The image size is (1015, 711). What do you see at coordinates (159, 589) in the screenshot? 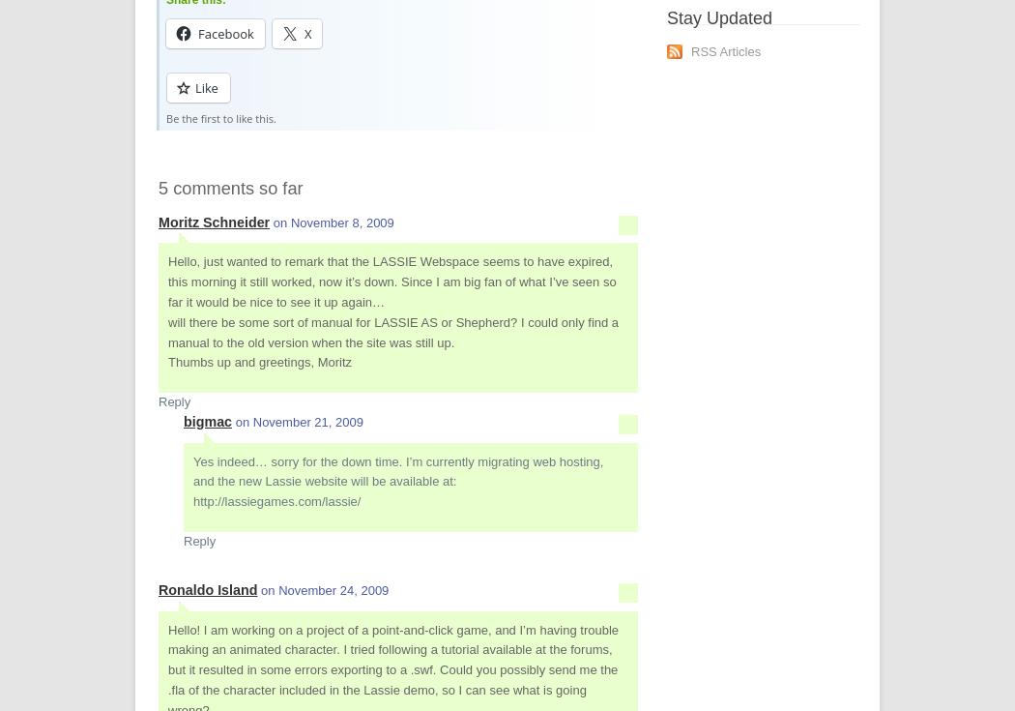
I see `'Ronaldo Island'` at bounding box center [159, 589].